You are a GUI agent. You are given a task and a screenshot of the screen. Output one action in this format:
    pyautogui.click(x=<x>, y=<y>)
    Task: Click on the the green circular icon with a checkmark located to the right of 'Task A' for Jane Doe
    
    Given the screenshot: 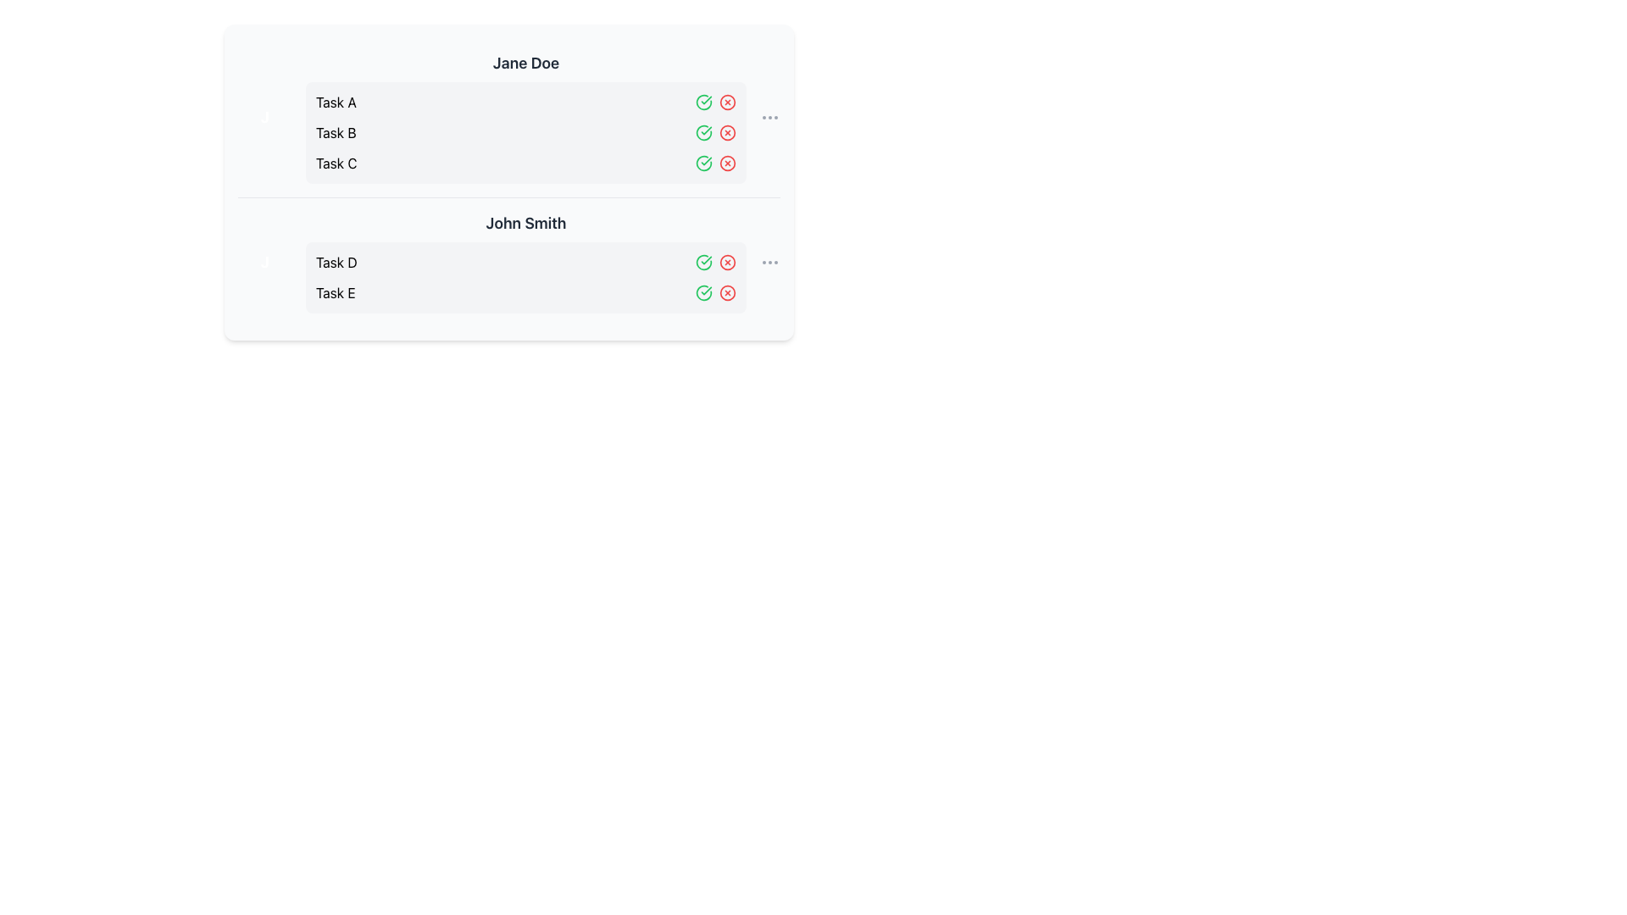 What is the action you would take?
    pyautogui.click(x=703, y=163)
    